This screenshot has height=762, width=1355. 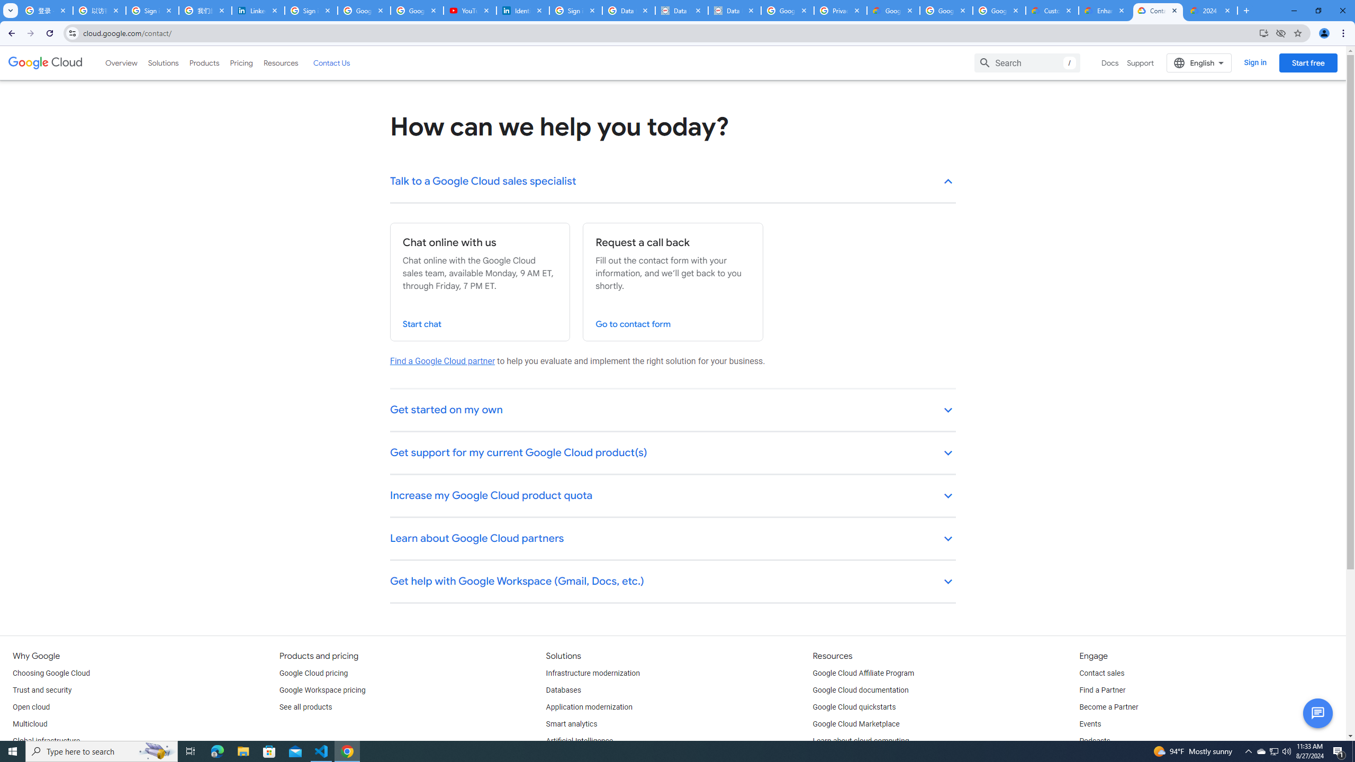 I want to click on 'LinkedIn Privacy Policy', so click(x=258, y=10).